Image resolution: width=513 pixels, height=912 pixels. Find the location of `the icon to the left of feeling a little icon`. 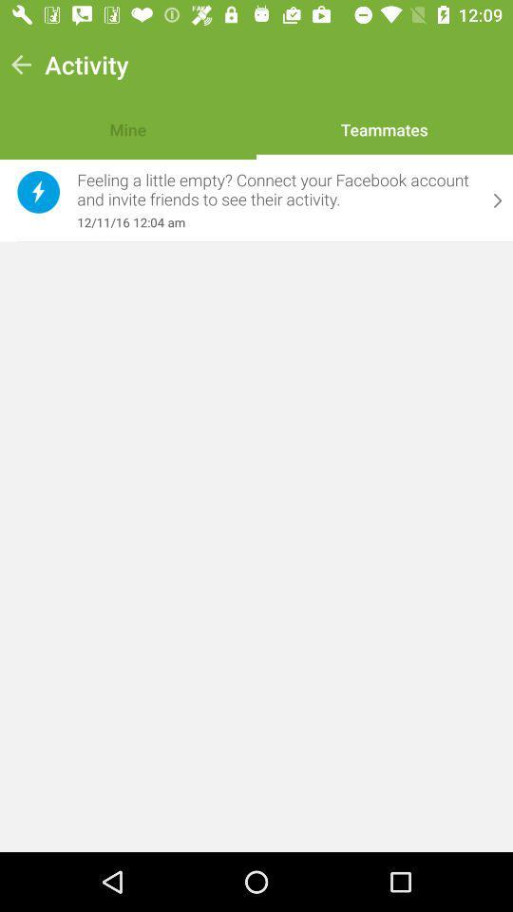

the icon to the left of feeling a little icon is located at coordinates (38, 192).